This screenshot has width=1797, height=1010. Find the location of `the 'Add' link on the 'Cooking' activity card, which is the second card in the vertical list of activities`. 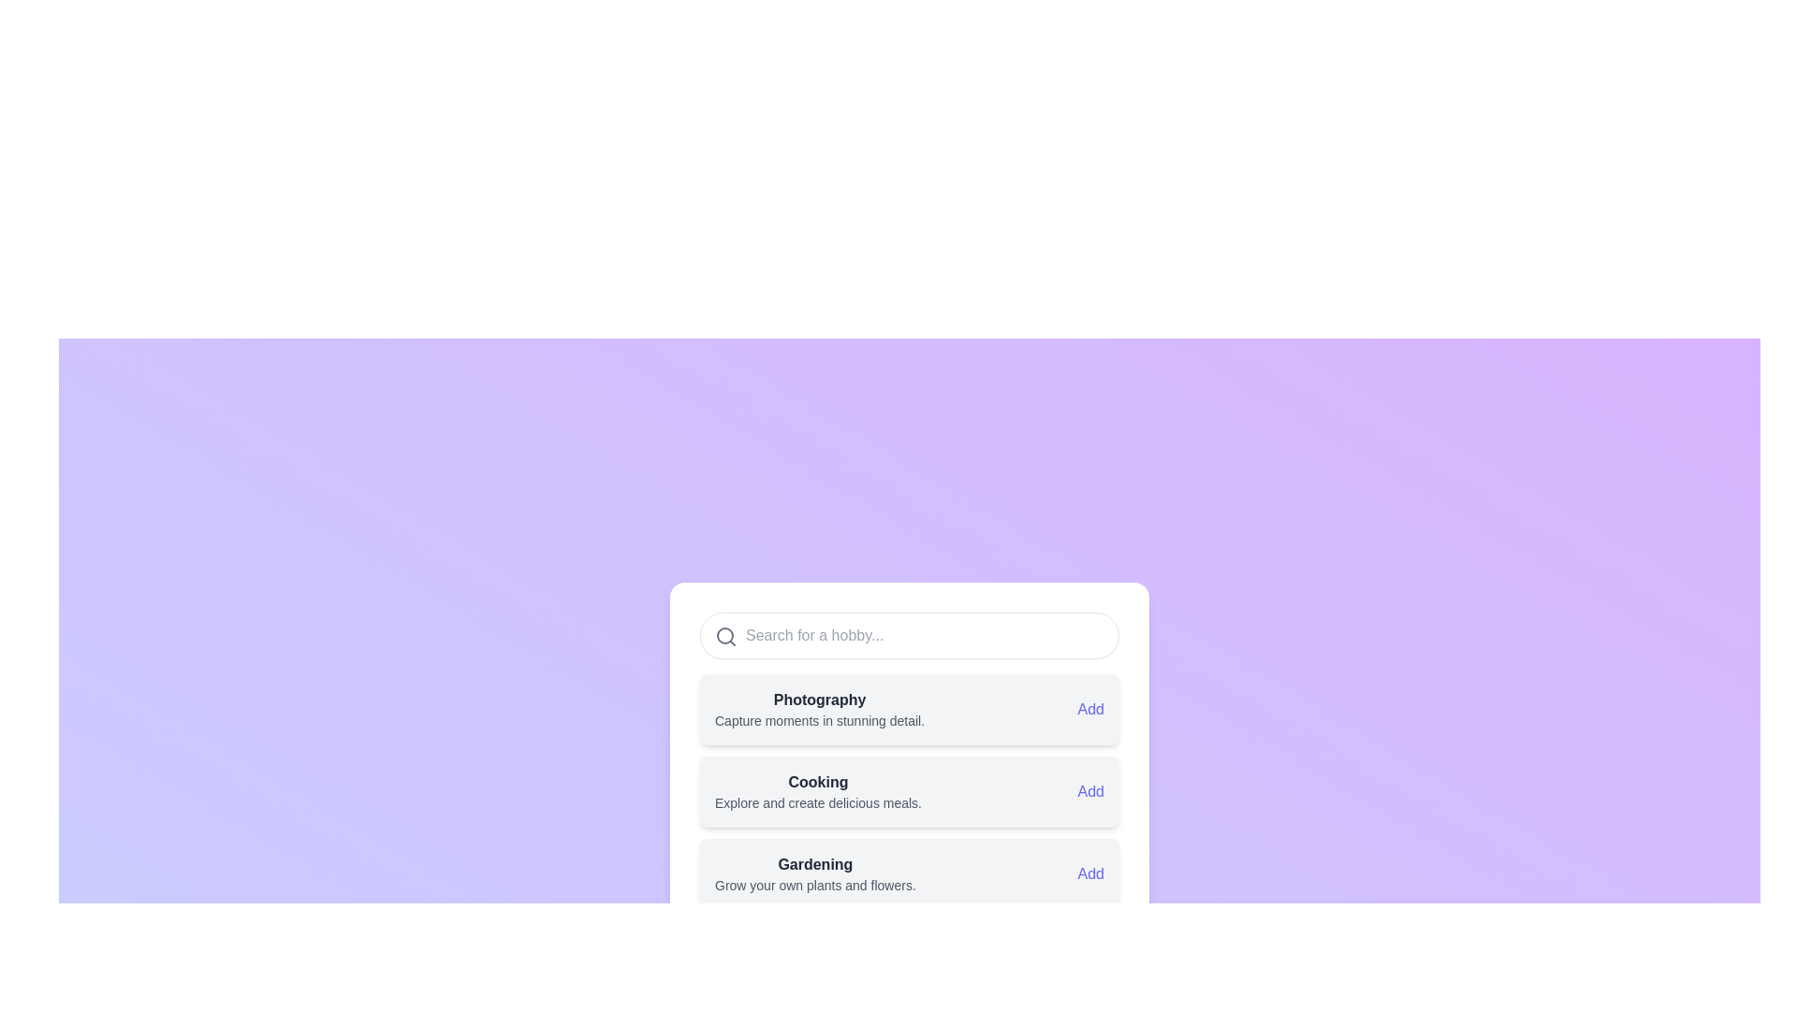

the 'Add' link on the 'Cooking' activity card, which is the second card in the vertical list of activities is located at coordinates (909, 792).